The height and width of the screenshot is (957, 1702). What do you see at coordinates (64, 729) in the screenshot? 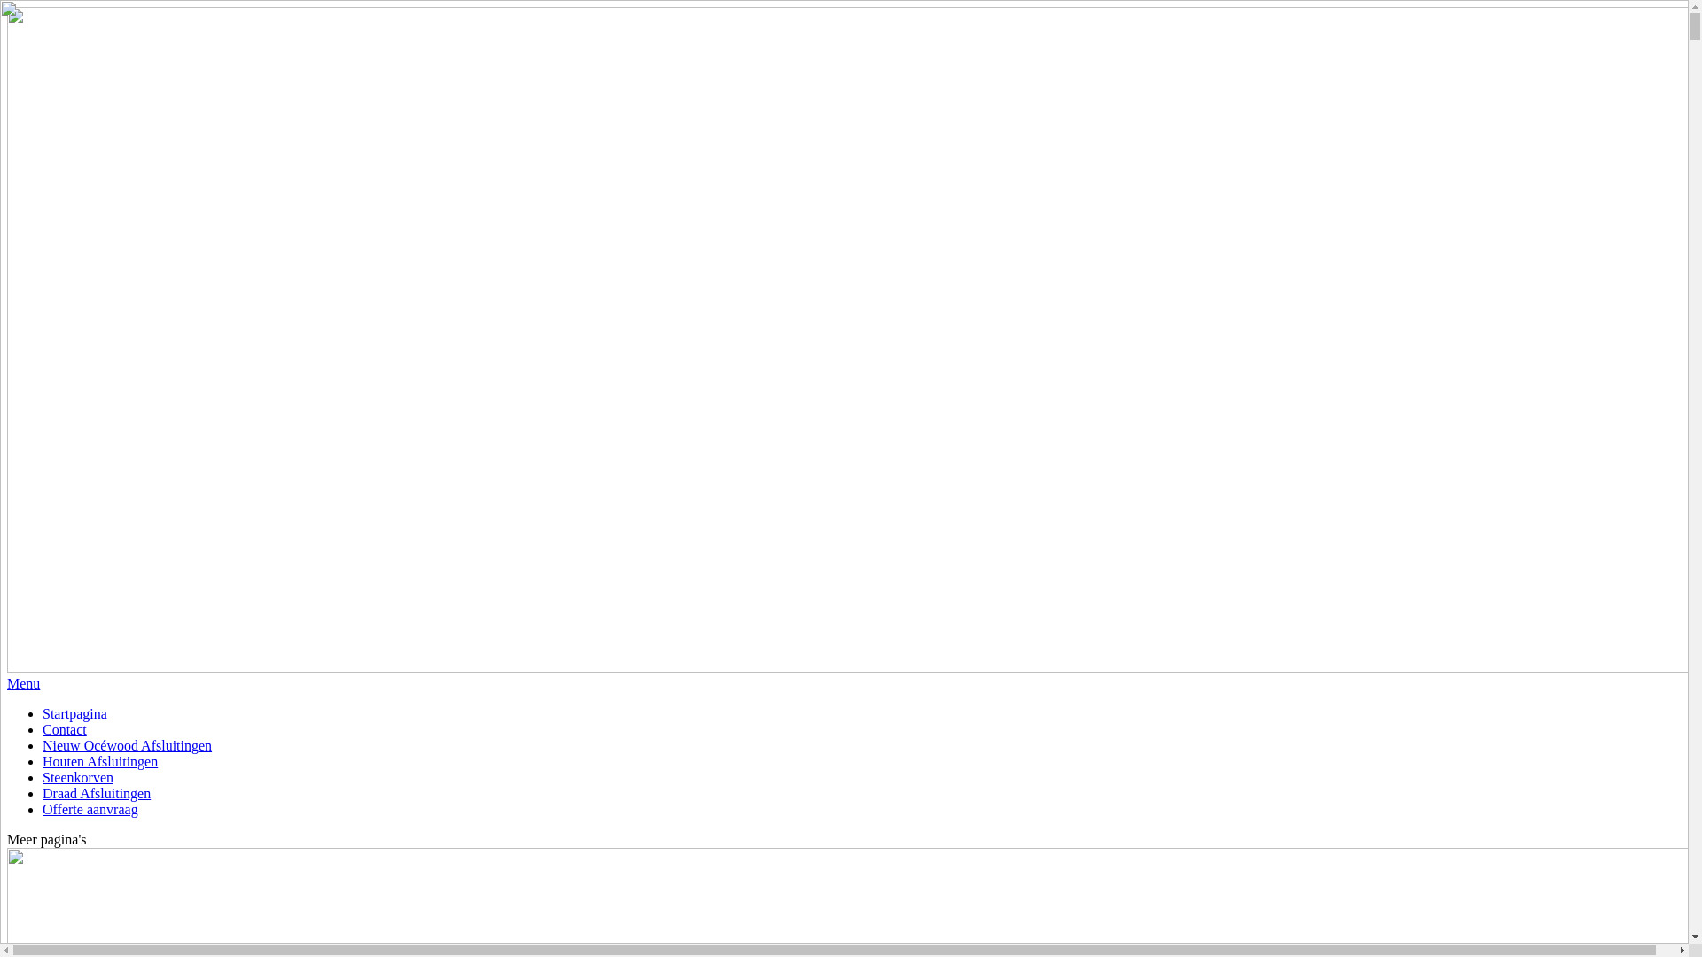
I see `'Contact'` at bounding box center [64, 729].